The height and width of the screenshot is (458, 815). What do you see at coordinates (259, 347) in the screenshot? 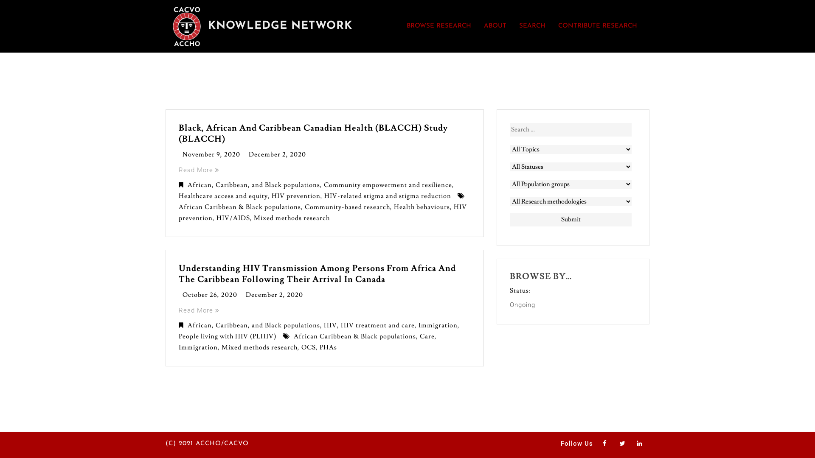
I see `'Mixed methods research'` at bounding box center [259, 347].